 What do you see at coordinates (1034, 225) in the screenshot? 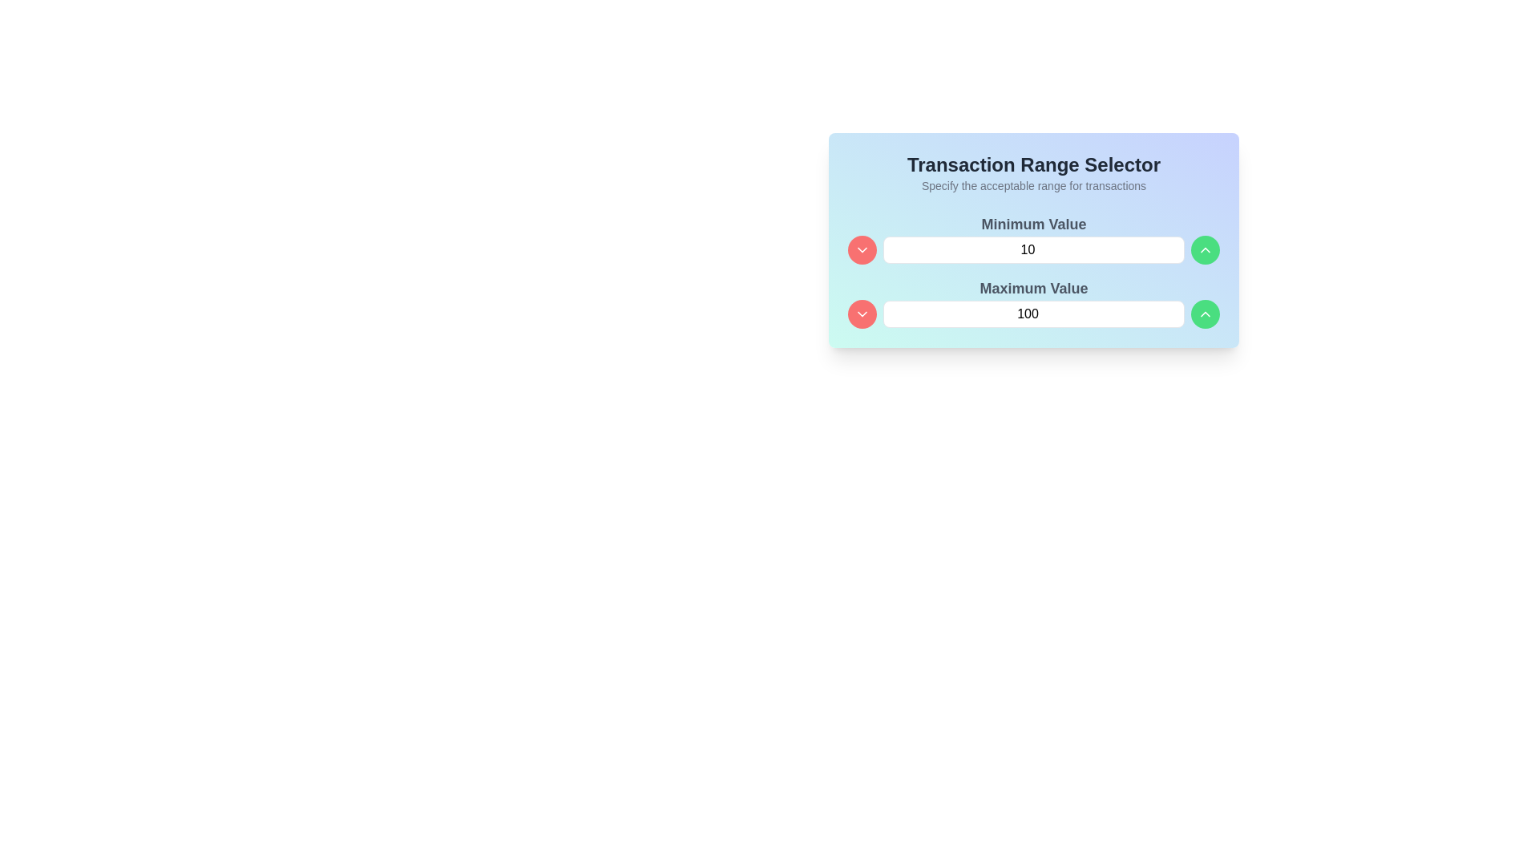
I see `the 'Minimum Value' text label, which is positioned at the top center of its group of components, serving as a heading for the associated numerical input field` at bounding box center [1034, 225].